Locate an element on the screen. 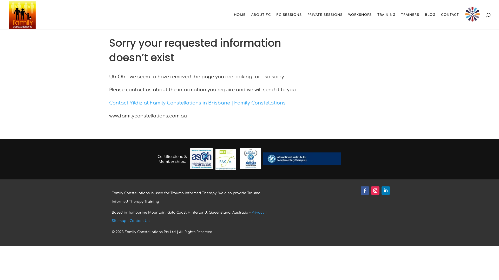 This screenshot has width=499, height=280. 'WORKSHOPS' is located at coordinates (348, 21).